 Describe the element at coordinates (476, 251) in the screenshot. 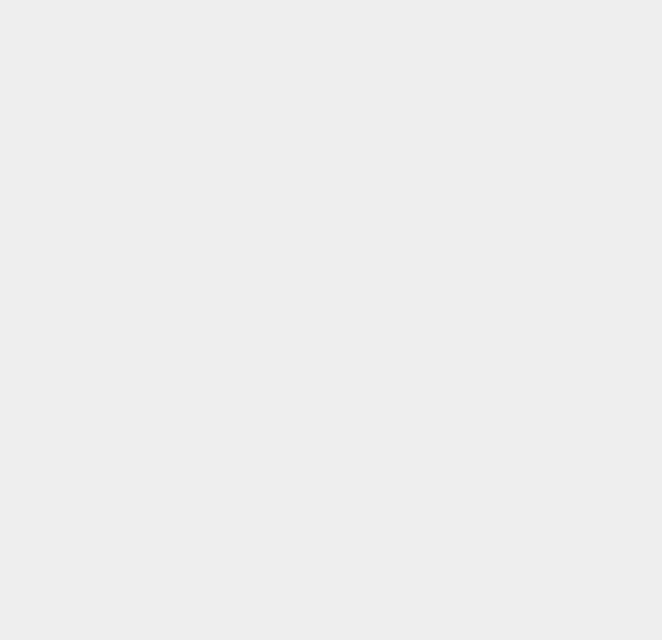

I see `'Web'` at that location.